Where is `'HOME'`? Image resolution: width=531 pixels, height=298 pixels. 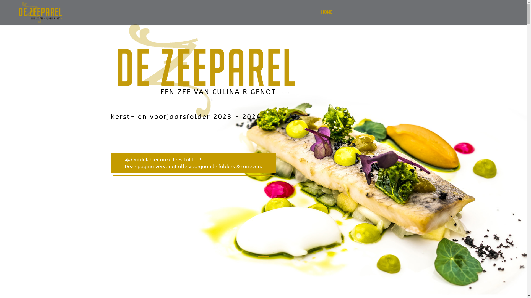 'HOME' is located at coordinates (327, 12).